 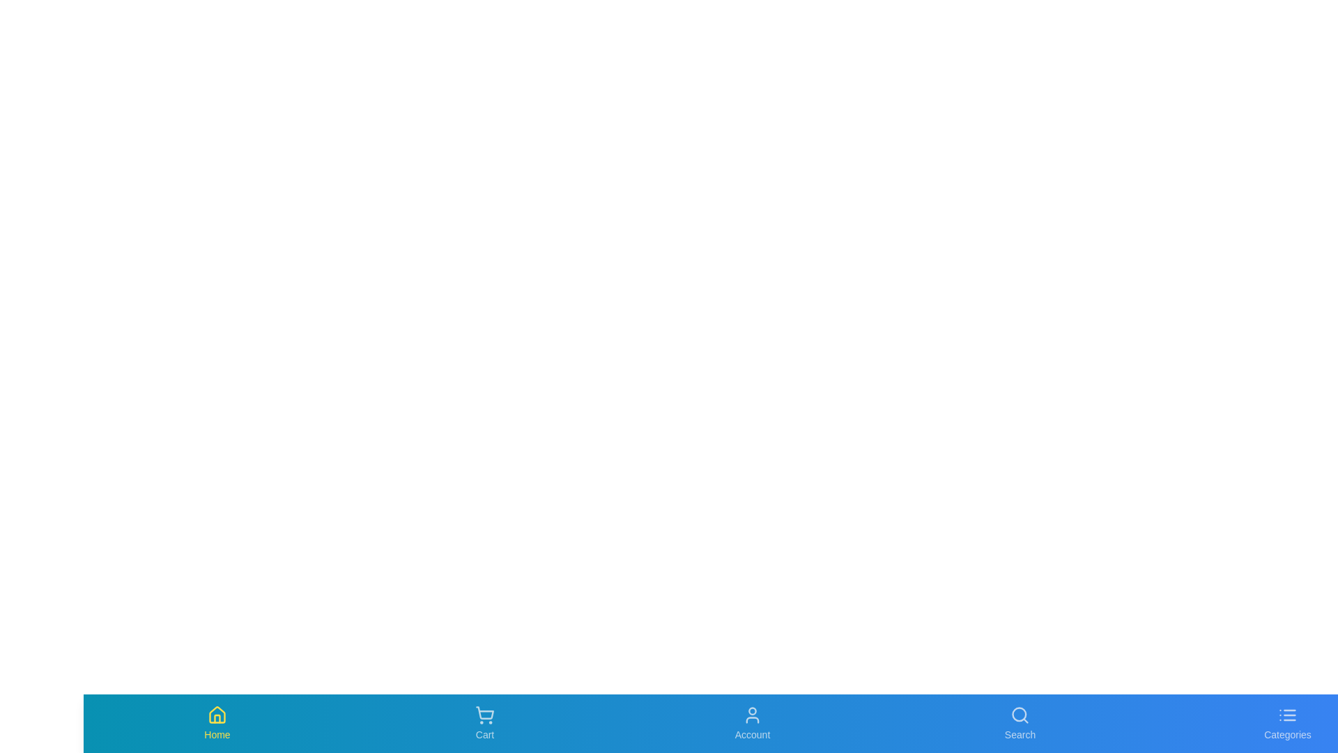 I want to click on the 'Cart' button in the bottom navigation bar, so click(x=485, y=722).